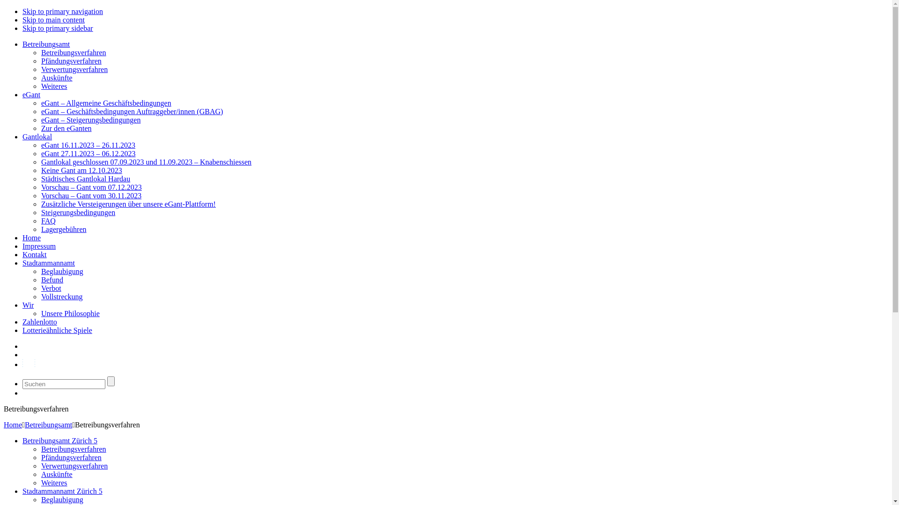  Describe the element at coordinates (62, 271) in the screenshot. I see `'Beglaubigung'` at that location.